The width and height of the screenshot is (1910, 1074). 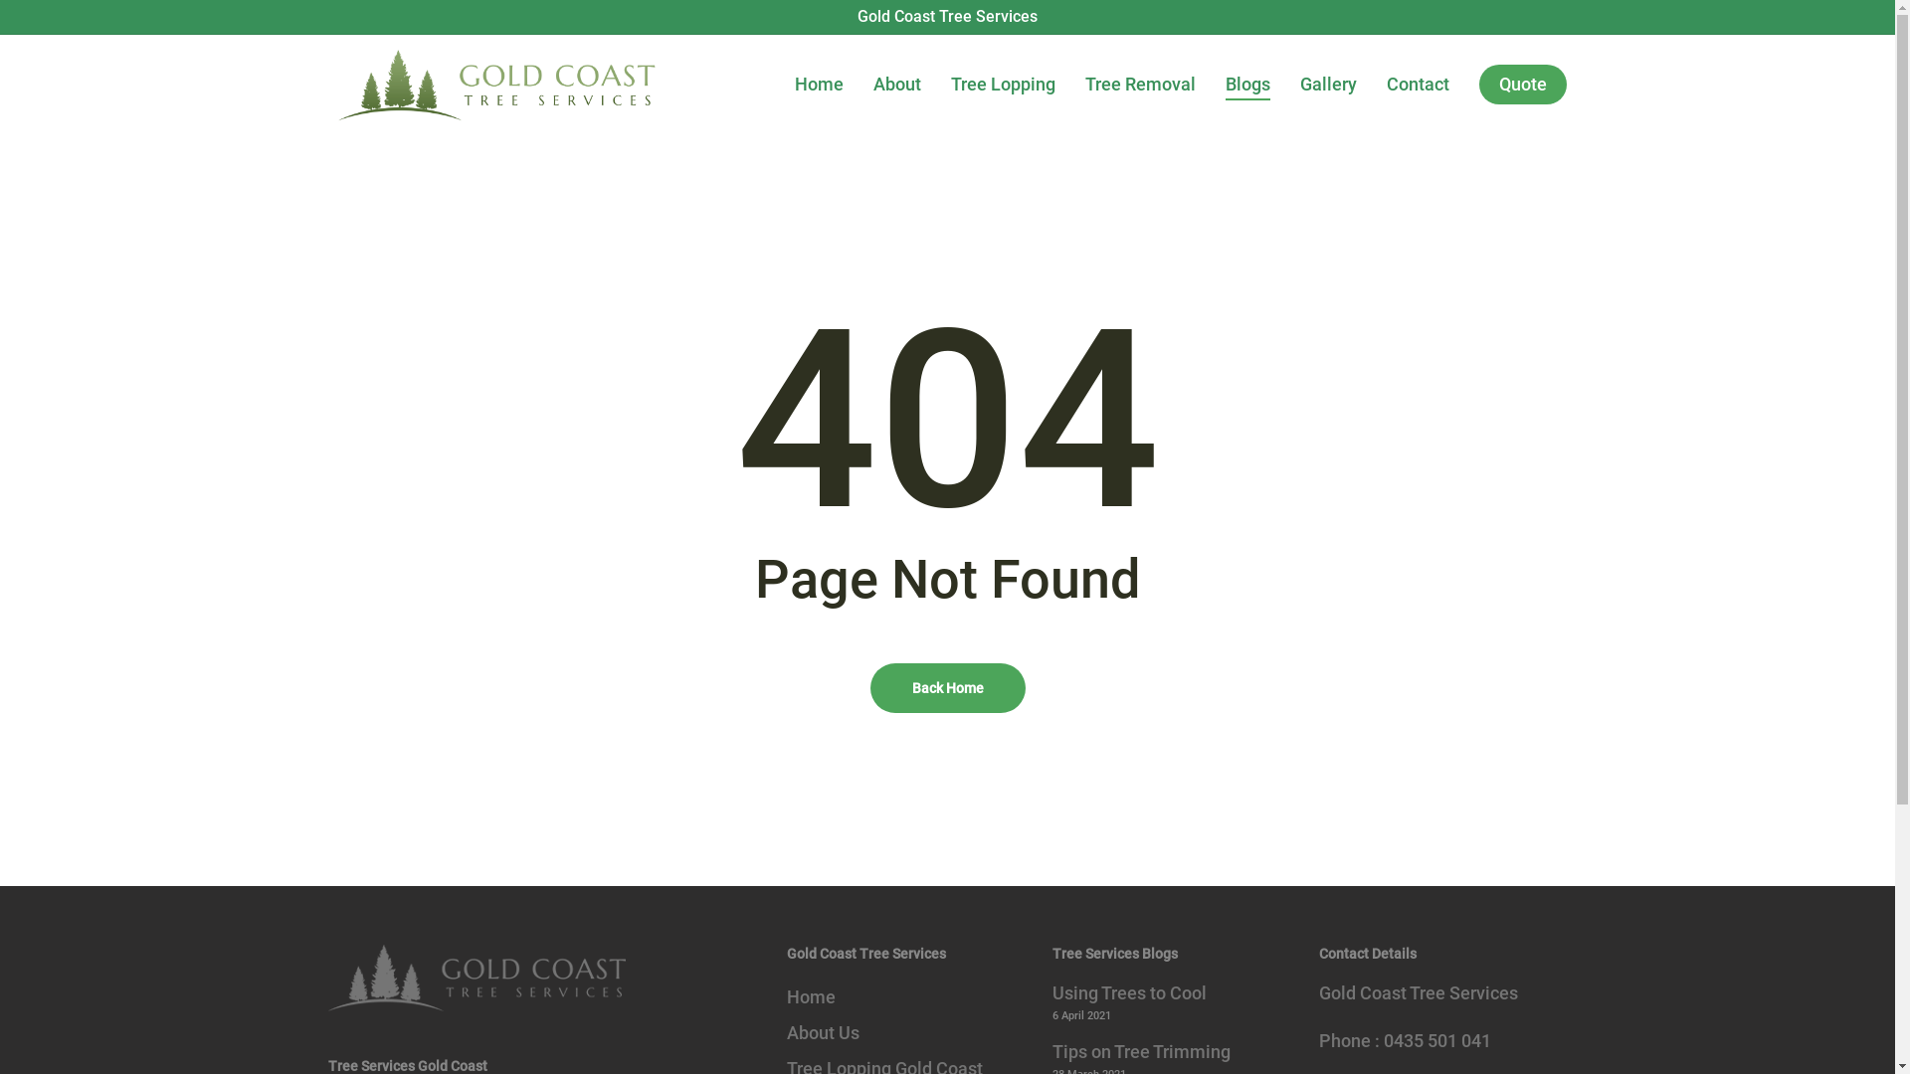 What do you see at coordinates (1417, 83) in the screenshot?
I see `'Contact'` at bounding box center [1417, 83].